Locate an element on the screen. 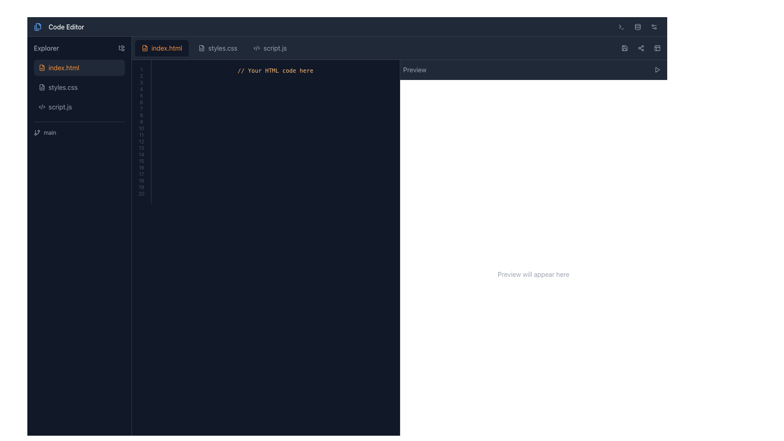 This screenshot has width=784, height=441. on the small numerical indicator displaying the value '8' located in the vertical list of numeric indicators on the left side of the content editor is located at coordinates (141, 115).